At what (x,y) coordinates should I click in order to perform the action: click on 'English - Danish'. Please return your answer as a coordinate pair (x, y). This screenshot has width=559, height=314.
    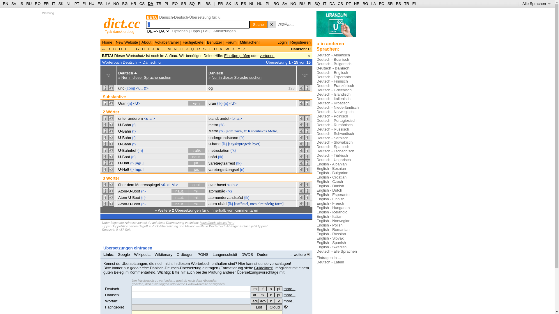
    Looking at the image, I should click on (316, 186).